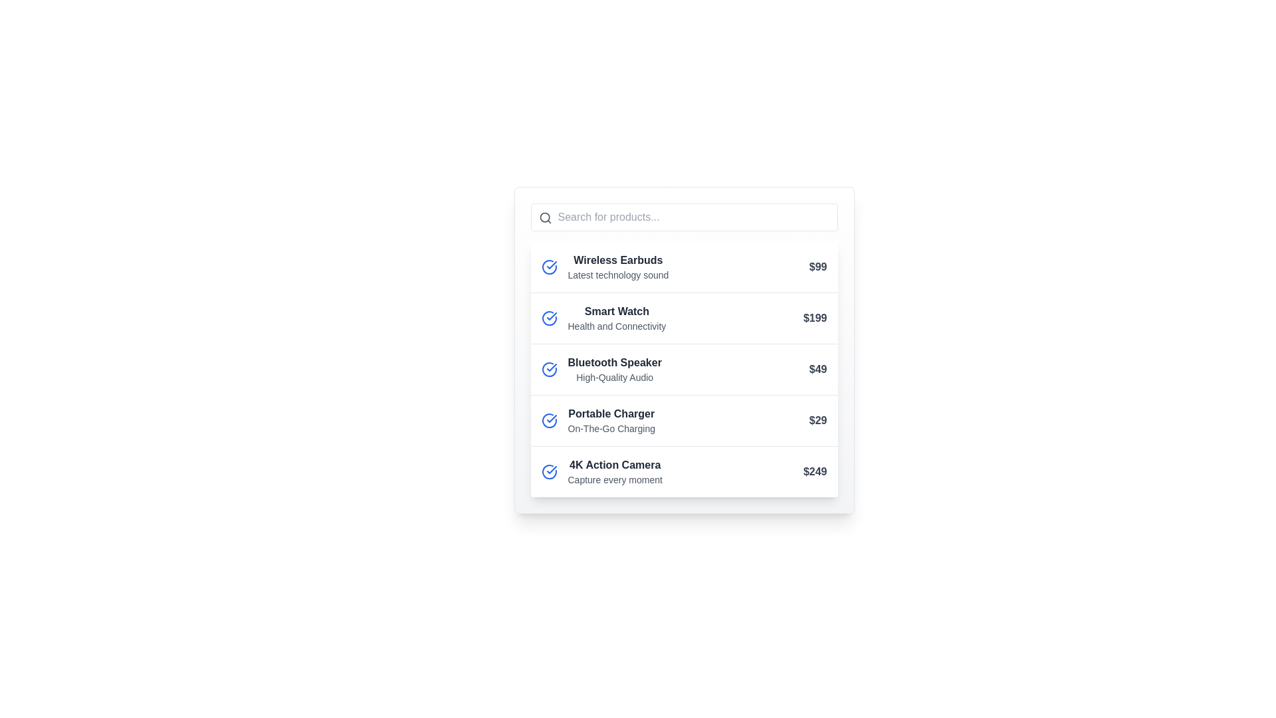 The image size is (1276, 718). I want to click on the icon representing the 'selected' or 'verified' state for the product 'Smart Watch - Health and Connectivity - $199' to trigger a tooltip or visual change, so click(549, 318).